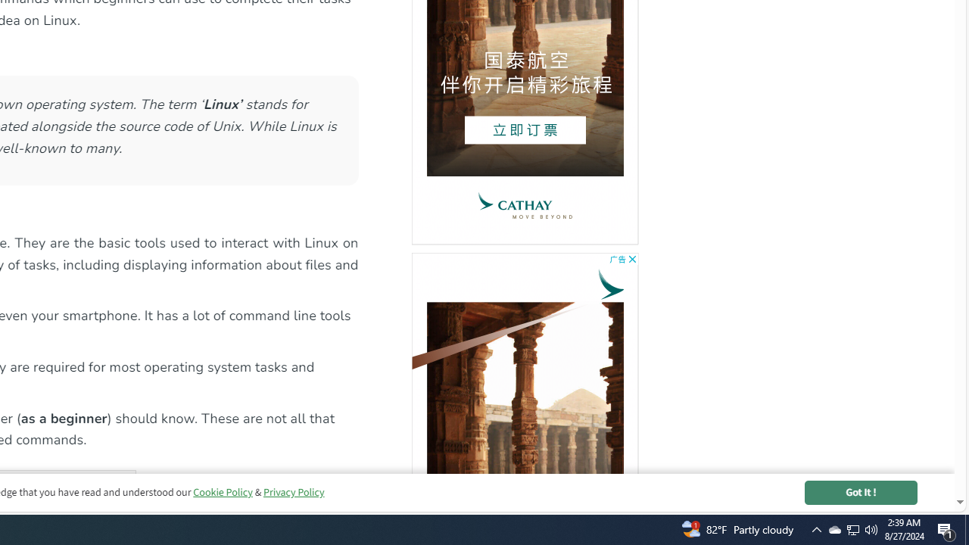  I want to click on 'AutomationID: cbb', so click(632, 258).